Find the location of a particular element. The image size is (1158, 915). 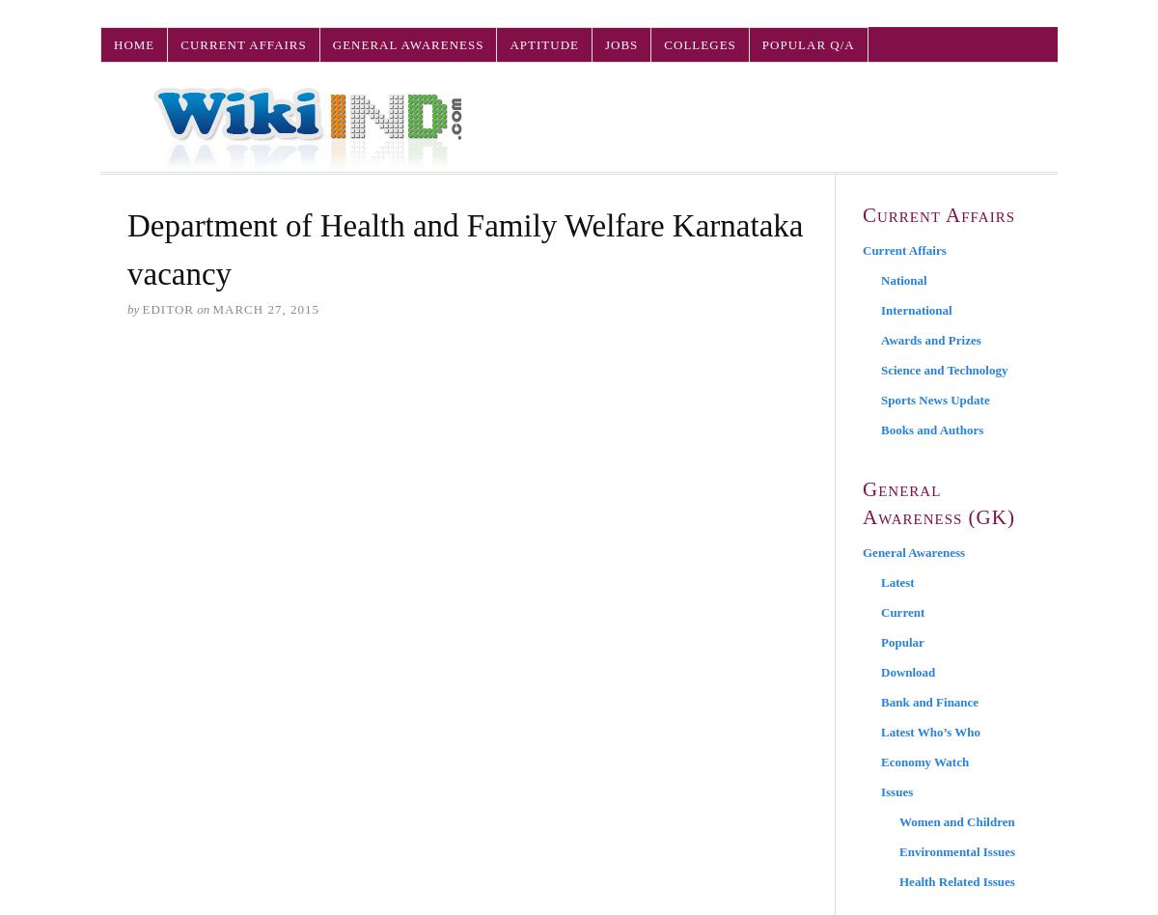

'Environmental Issues' is located at coordinates (899, 850).